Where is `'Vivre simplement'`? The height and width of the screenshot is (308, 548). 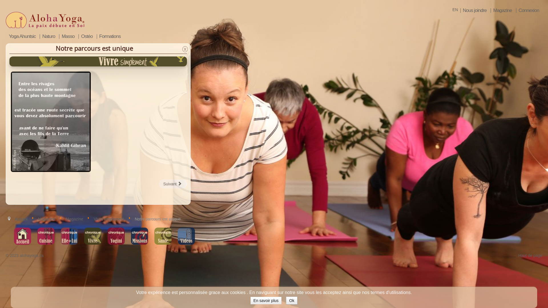
'Vivre simplement' is located at coordinates (93, 218).